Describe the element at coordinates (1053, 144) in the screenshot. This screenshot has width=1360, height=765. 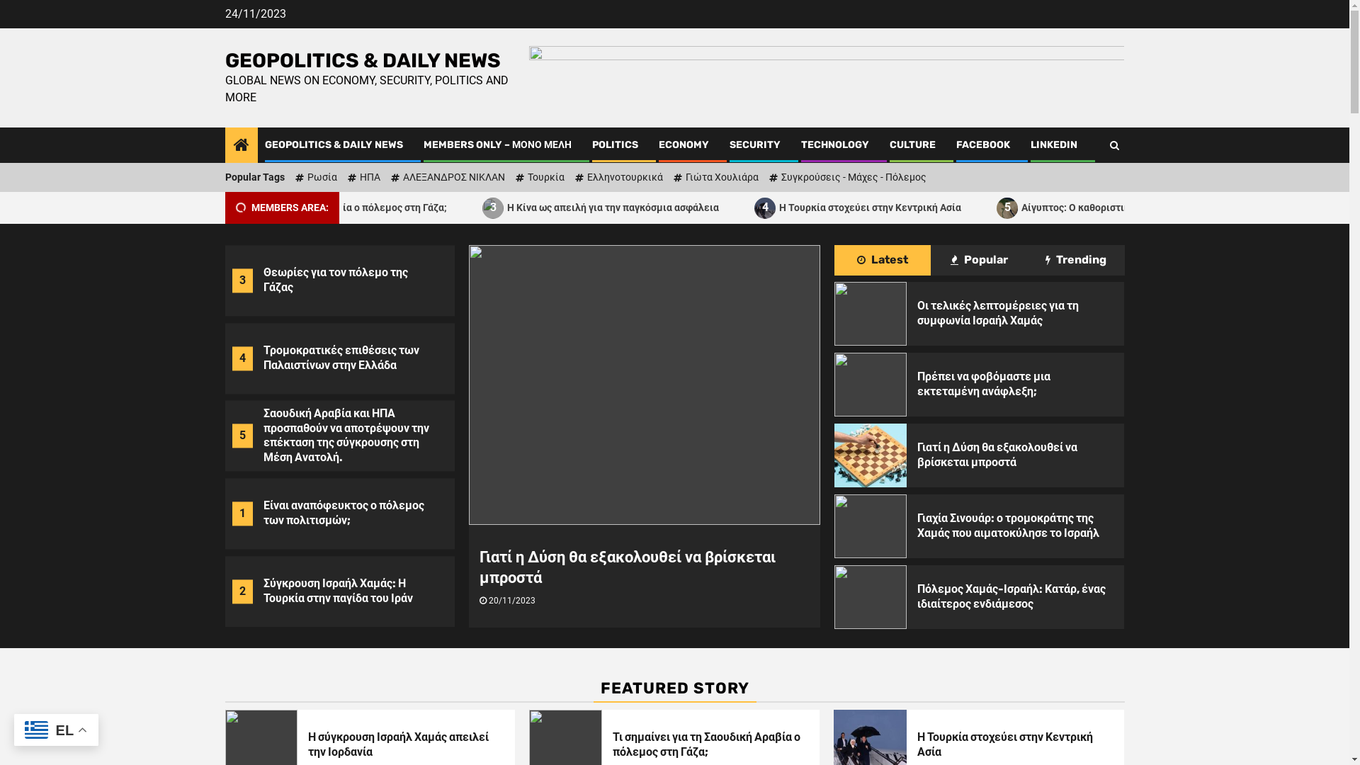
I see `'LINKEDIN'` at that location.